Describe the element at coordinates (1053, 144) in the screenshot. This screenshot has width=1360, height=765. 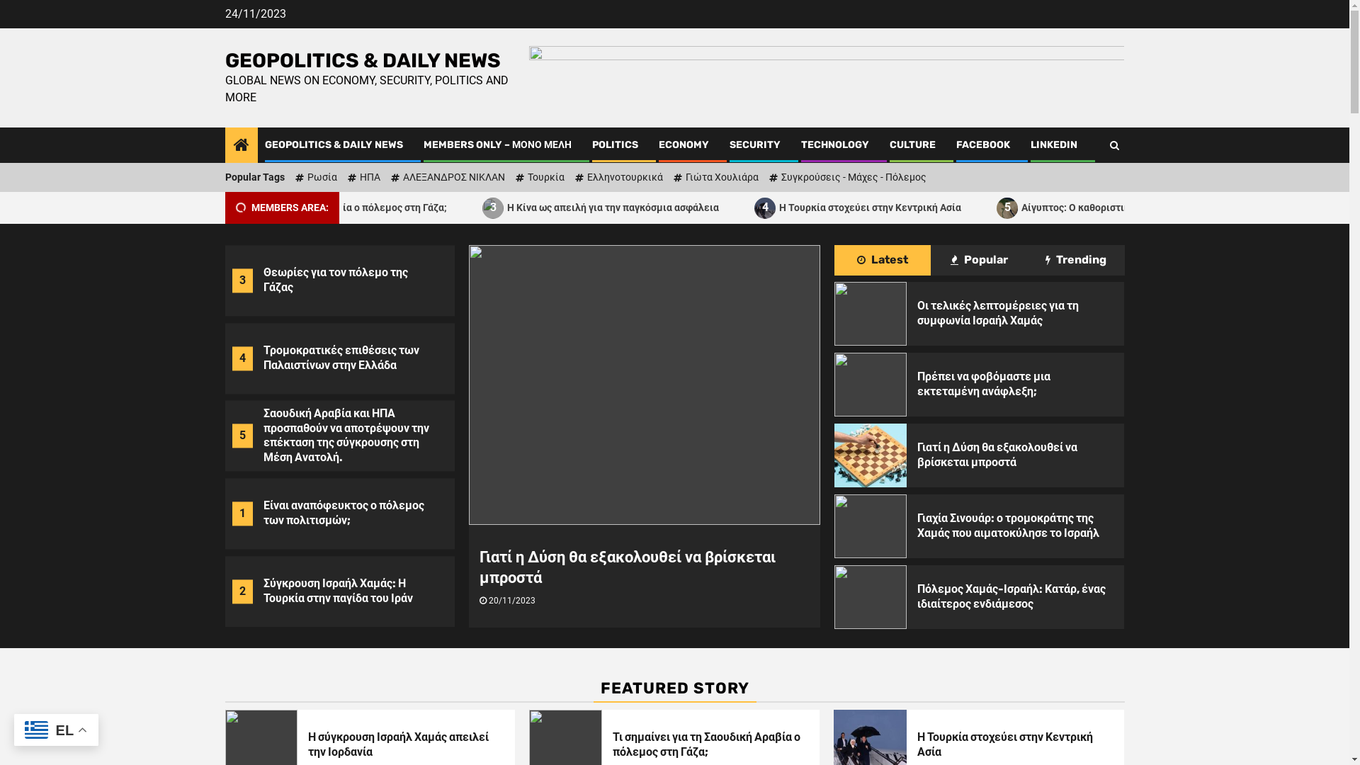
I see `'LINKEDIN'` at that location.